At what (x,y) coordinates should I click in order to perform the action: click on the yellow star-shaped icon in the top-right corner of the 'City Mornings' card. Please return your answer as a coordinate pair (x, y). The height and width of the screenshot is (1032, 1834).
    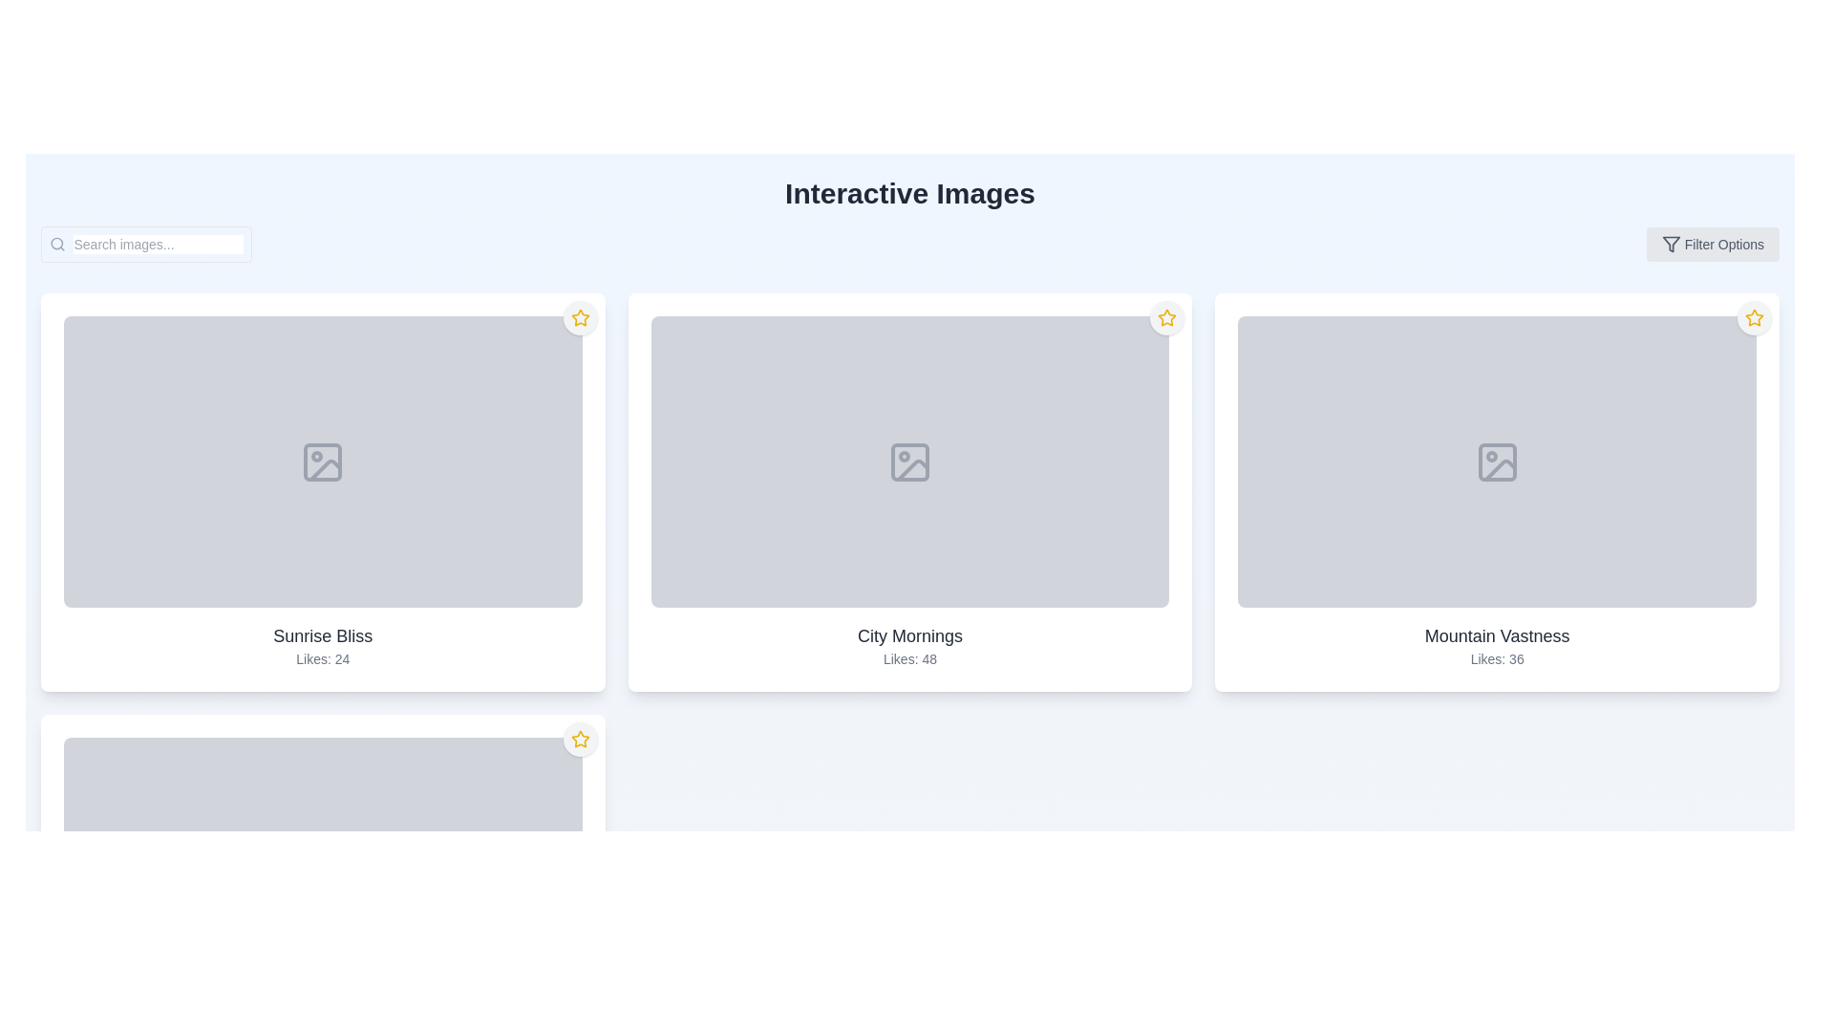
    Looking at the image, I should click on (1166, 316).